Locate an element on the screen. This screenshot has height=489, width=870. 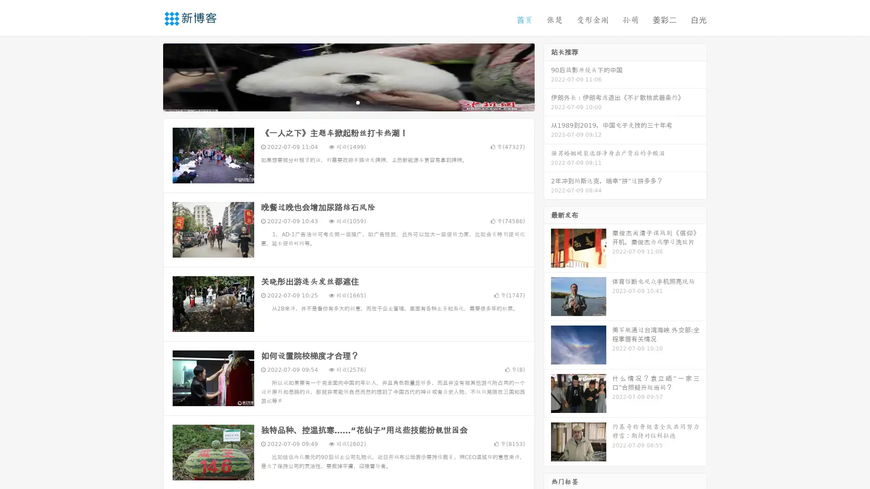
Go to slide 3 is located at coordinates (358, 102).